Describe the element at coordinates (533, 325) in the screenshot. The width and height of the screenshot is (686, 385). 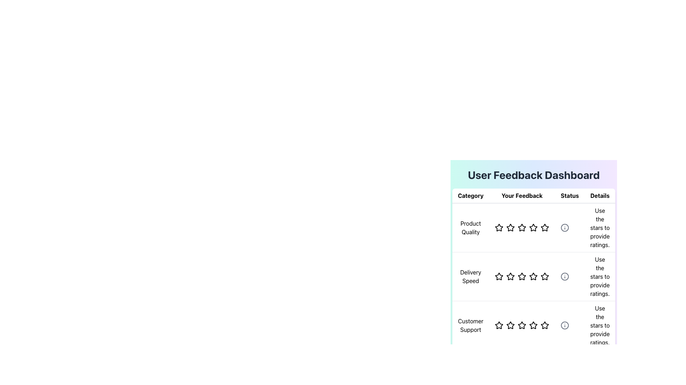
I see `the star rating system in the third row of the 'User Feedback Dashboard' table to provide feedback for the 'Customer Support' category` at that location.